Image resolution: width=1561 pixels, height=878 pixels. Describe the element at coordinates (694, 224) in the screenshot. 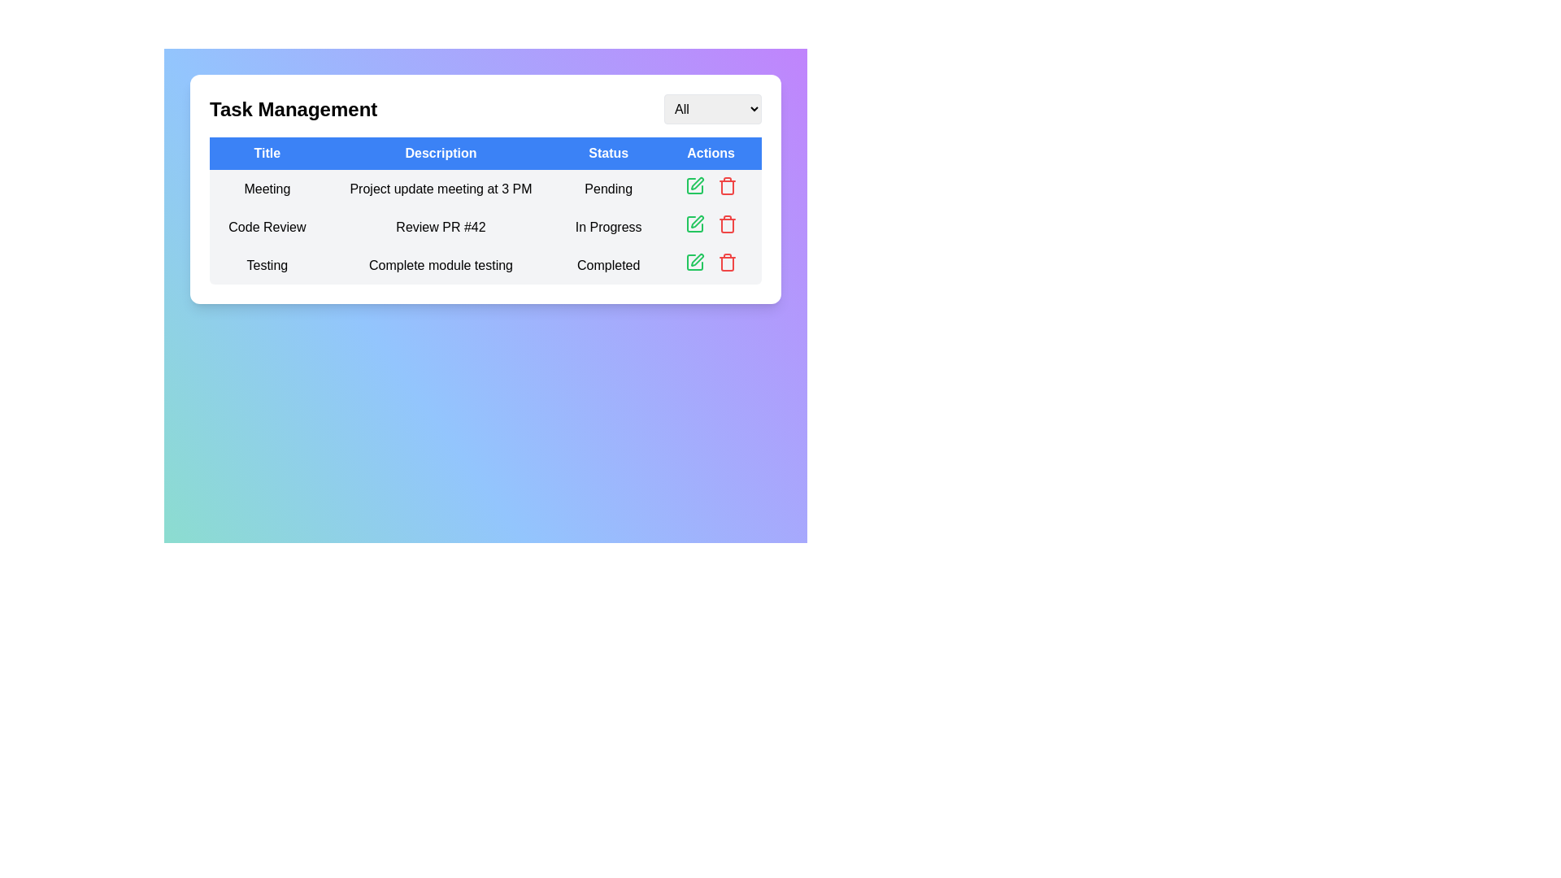

I see `the green stroke square outline icon in the Actions column of the task management table to initiate an edit action for the task labeled 'Code Review'` at that location.